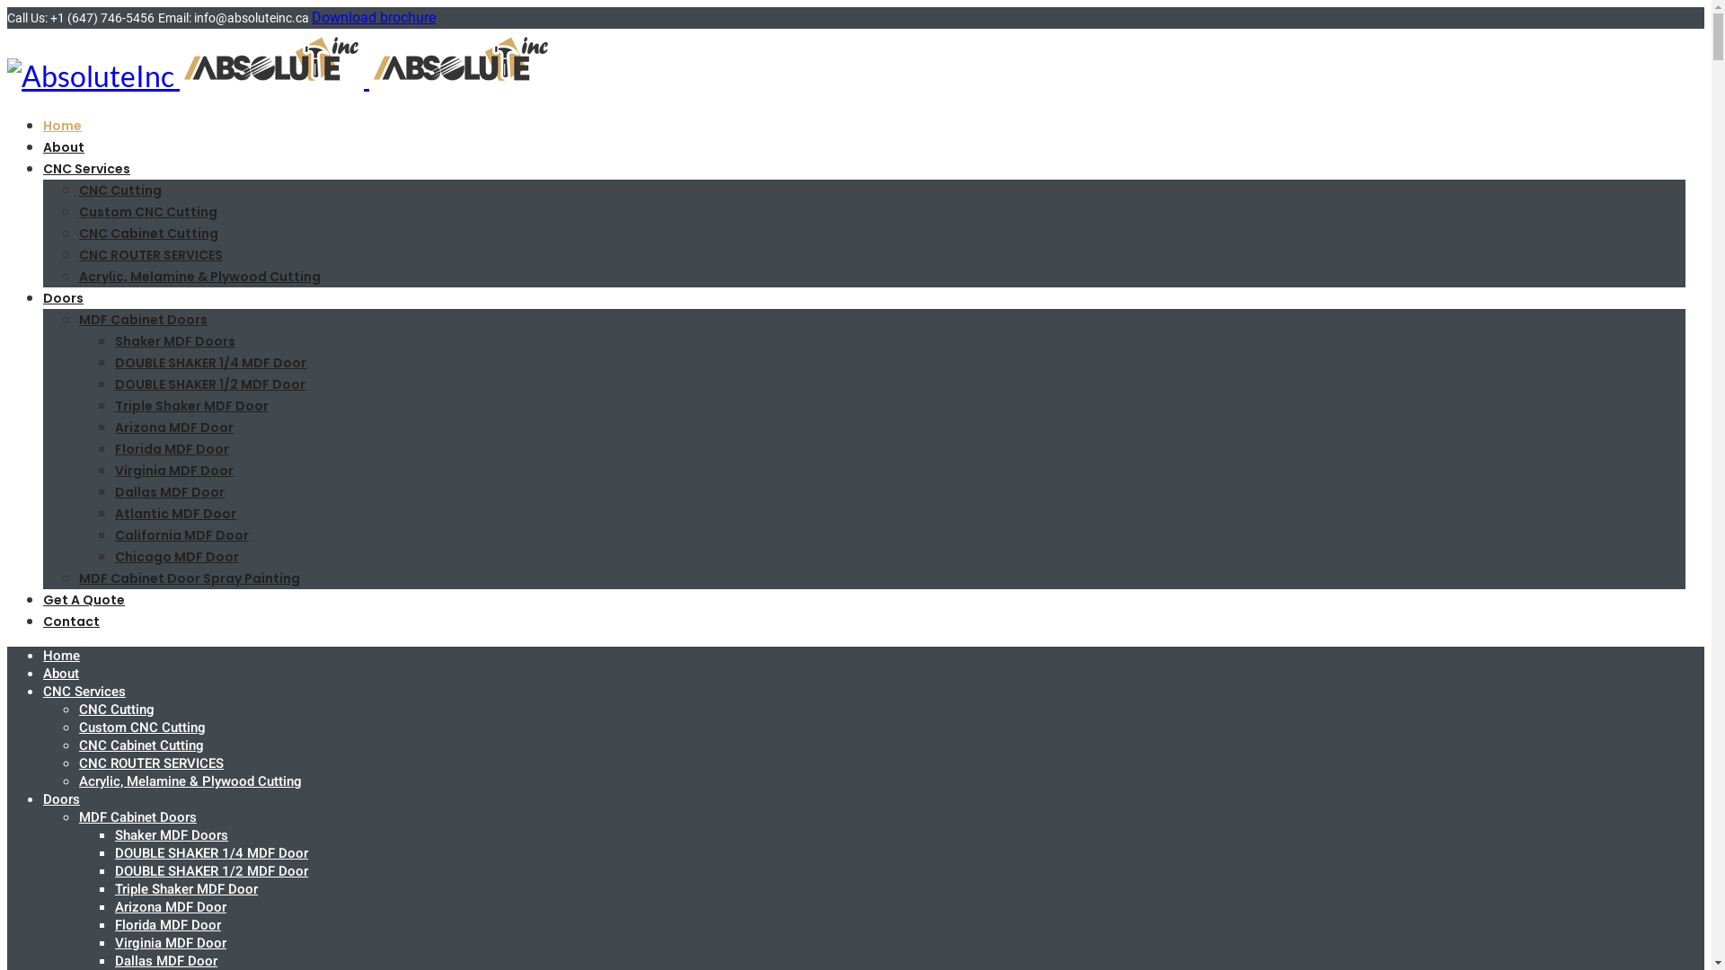 The width and height of the screenshot is (1725, 970). Describe the element at coordinates (148, 232) in the screenshot. I see `'CNC Cabinet Cutting'` at that location.